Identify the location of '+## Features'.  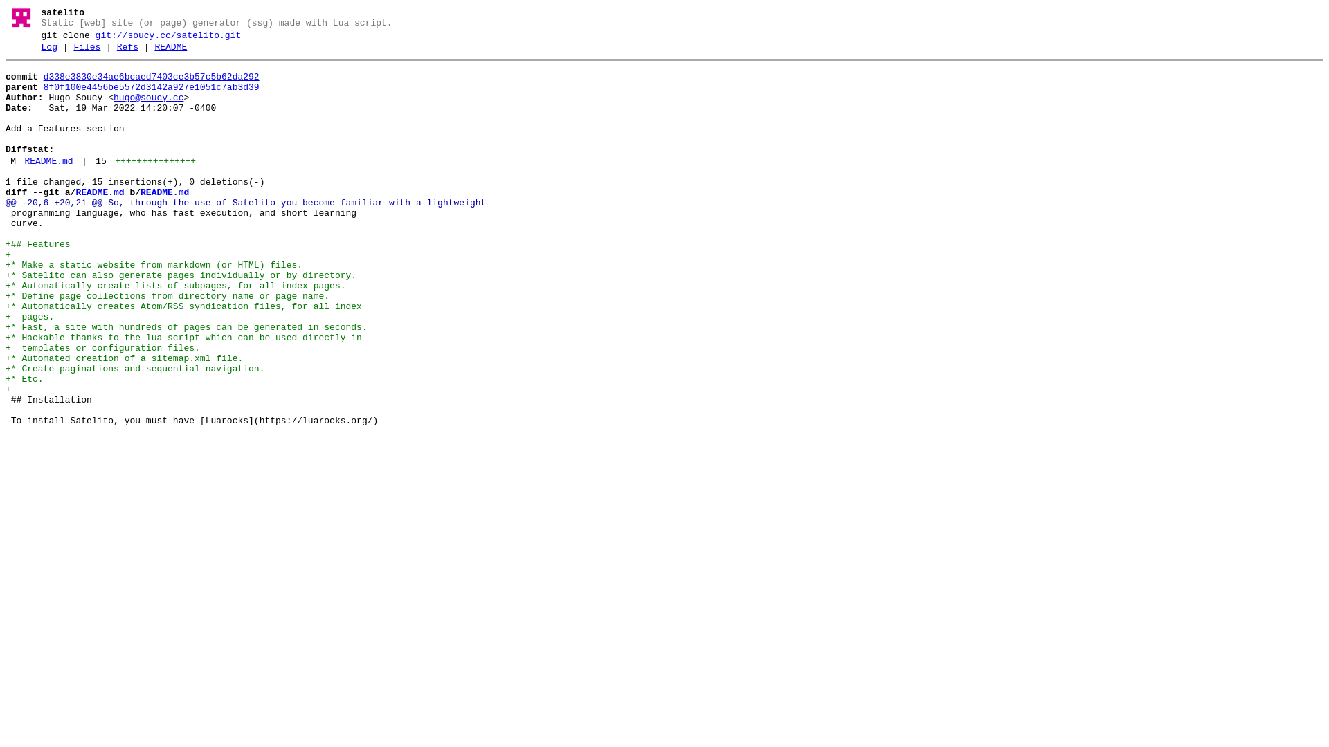
(37, 243).